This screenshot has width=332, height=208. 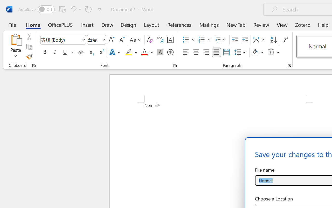 What do you see at coordinates (188, 40) in the screenshot?
I see `'Bullets'` at bounding box center [188, 40].